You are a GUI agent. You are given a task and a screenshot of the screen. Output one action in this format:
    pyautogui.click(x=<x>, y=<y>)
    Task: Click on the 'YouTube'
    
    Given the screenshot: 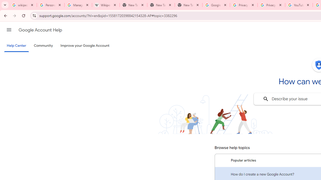 What is the action you would take?
    pyautogui.click(x=299, y=5)
    